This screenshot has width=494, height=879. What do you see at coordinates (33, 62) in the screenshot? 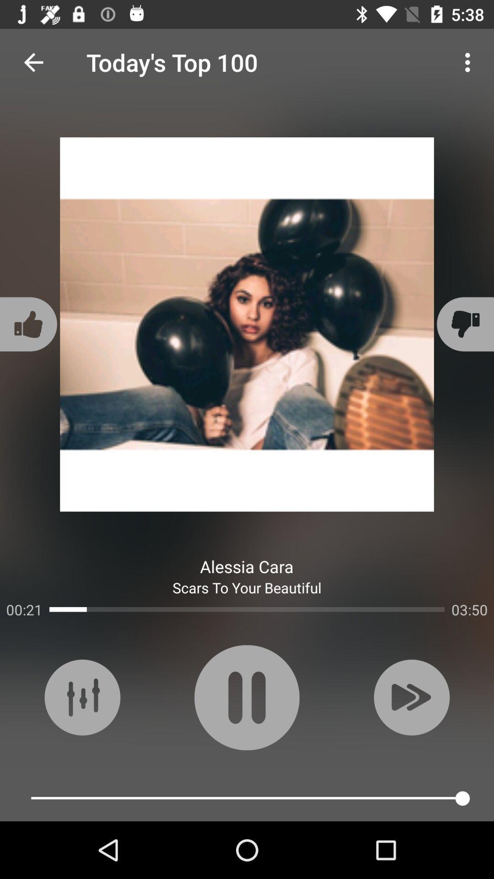
I see `icon at the top left corner` at bounding box center [33, 62].